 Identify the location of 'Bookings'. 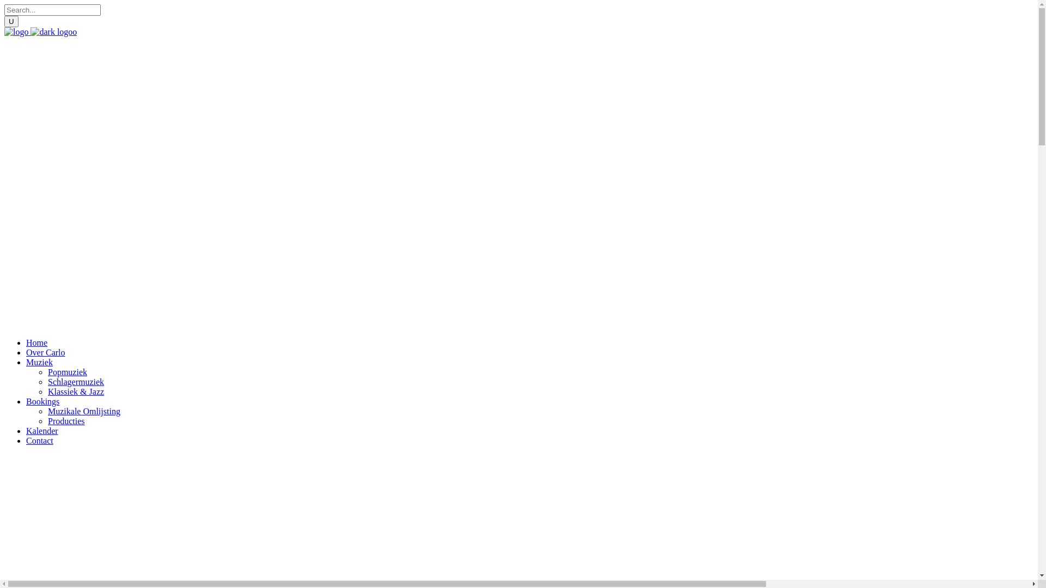
(42, 401).